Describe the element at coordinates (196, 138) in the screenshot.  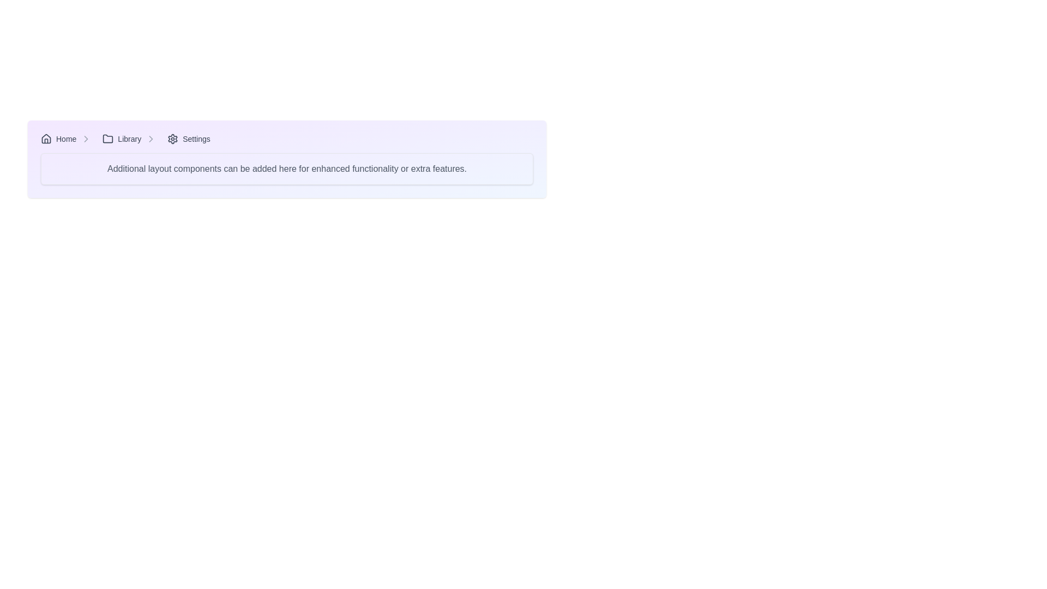
I see `the 'Settings' text label located in the top-center navigation bar, which indicates a settings-related section and is styled with a medium-weight font` at that location.